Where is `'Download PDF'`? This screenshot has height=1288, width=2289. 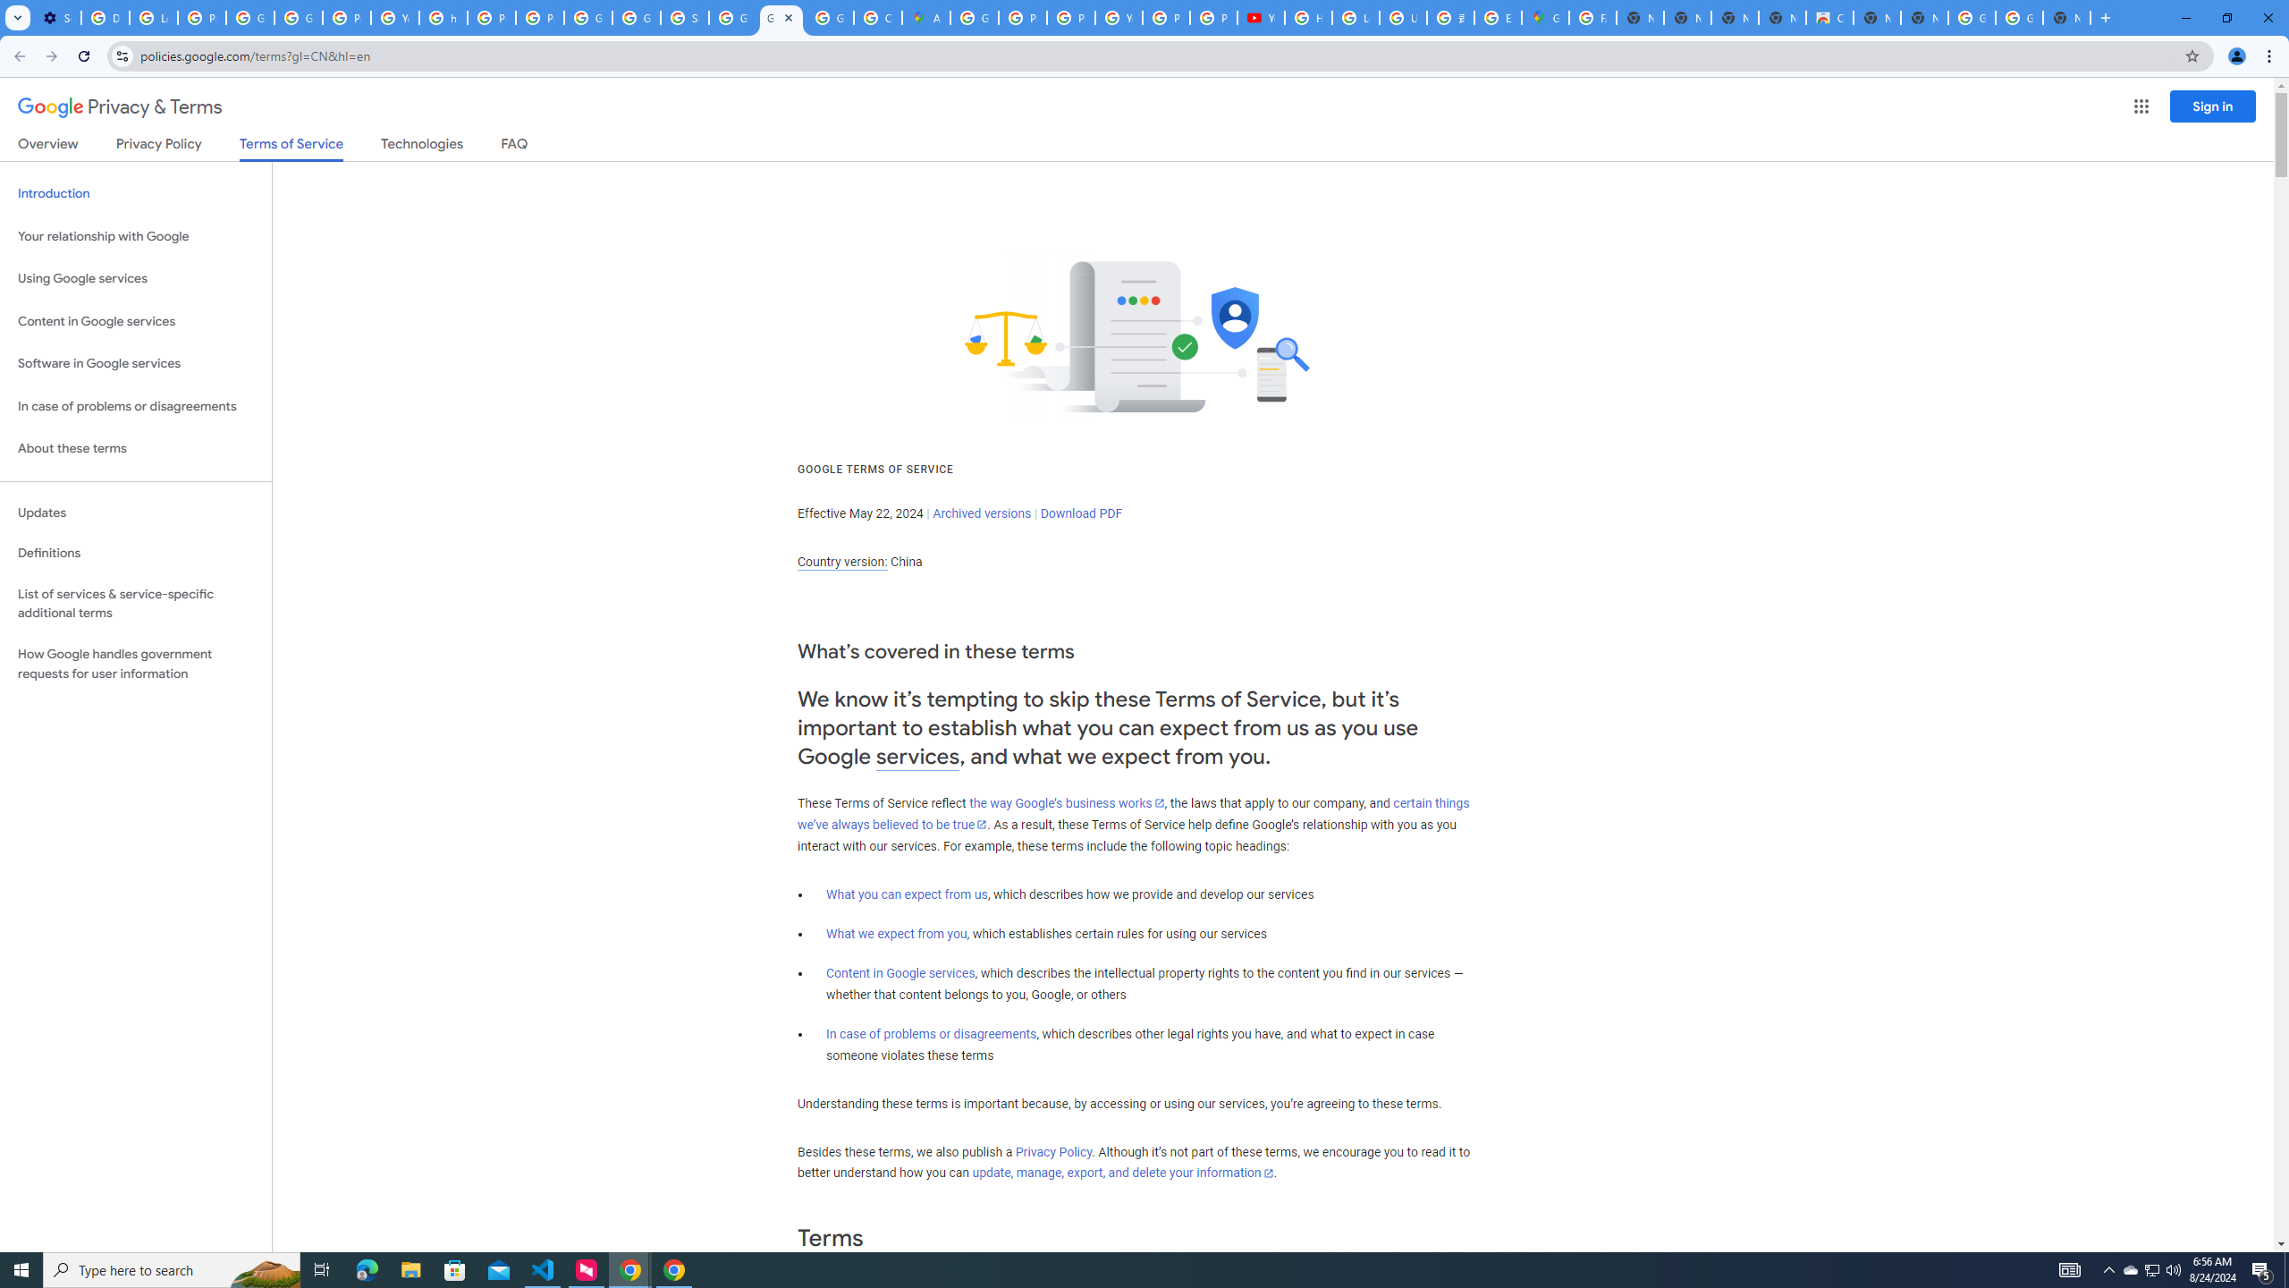
'Download PDF' is located at coordinates (1080, 512).